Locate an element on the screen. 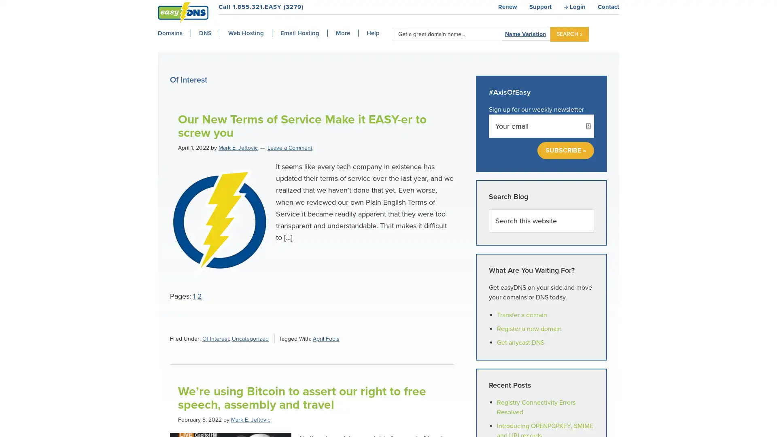 The height and width of the screenshot is (437, 777). SUBSCRIBE is located at coordinates (565, 150).